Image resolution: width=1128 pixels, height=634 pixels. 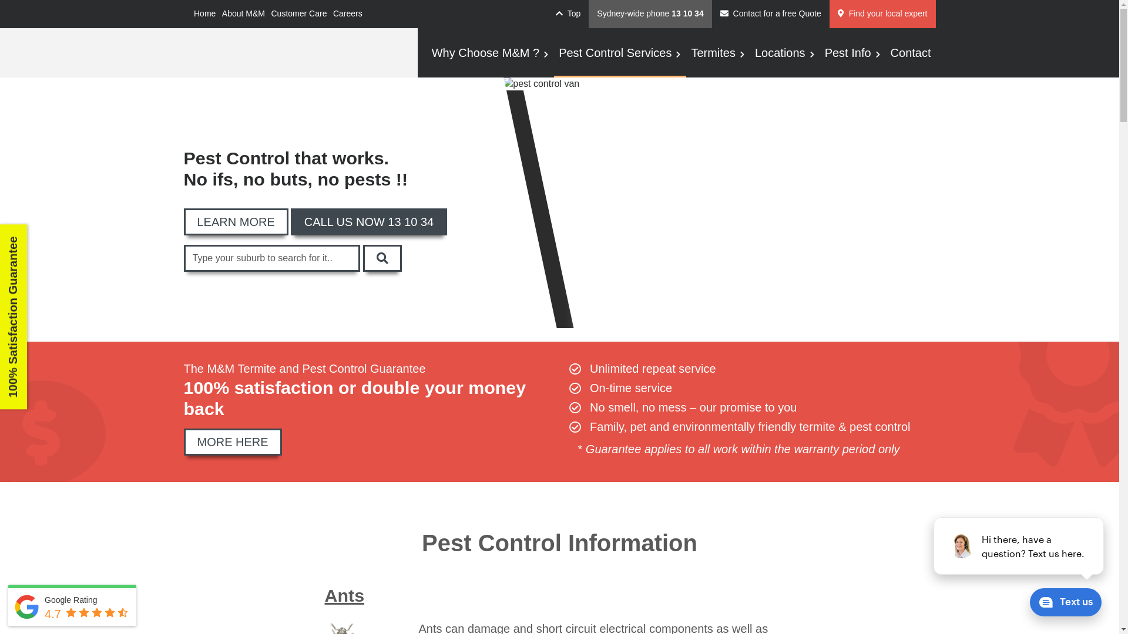 I want to click on 'Careers', so click(x=347, y=14).